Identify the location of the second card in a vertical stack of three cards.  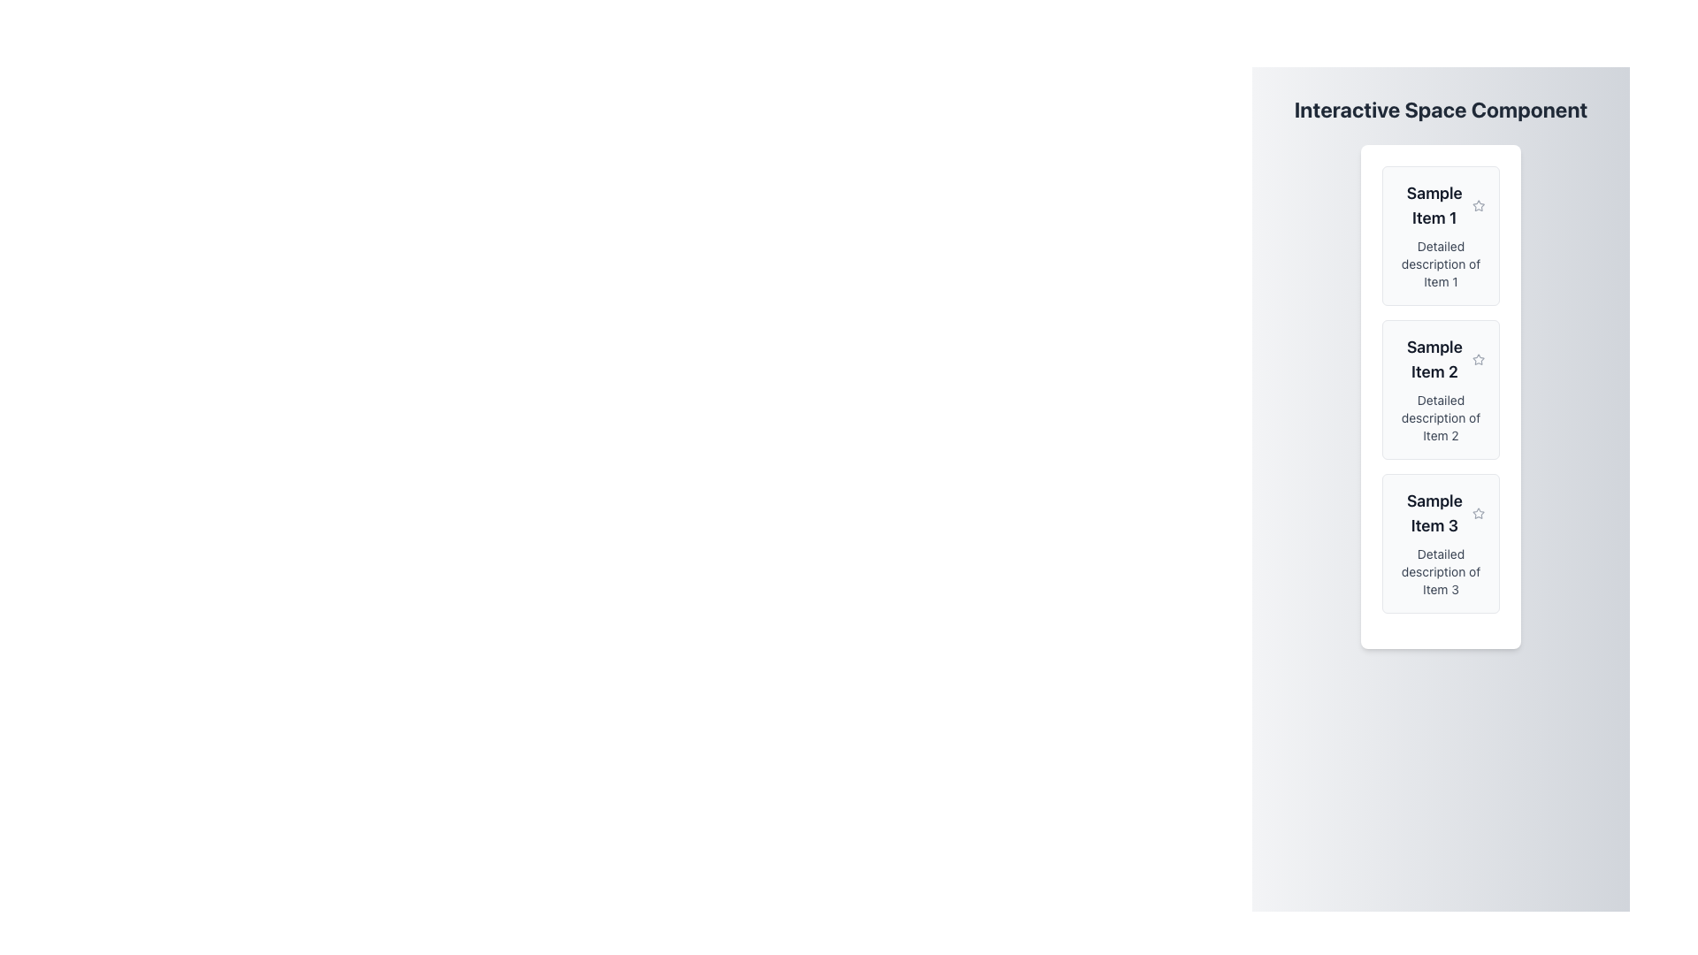
(1441, 388).